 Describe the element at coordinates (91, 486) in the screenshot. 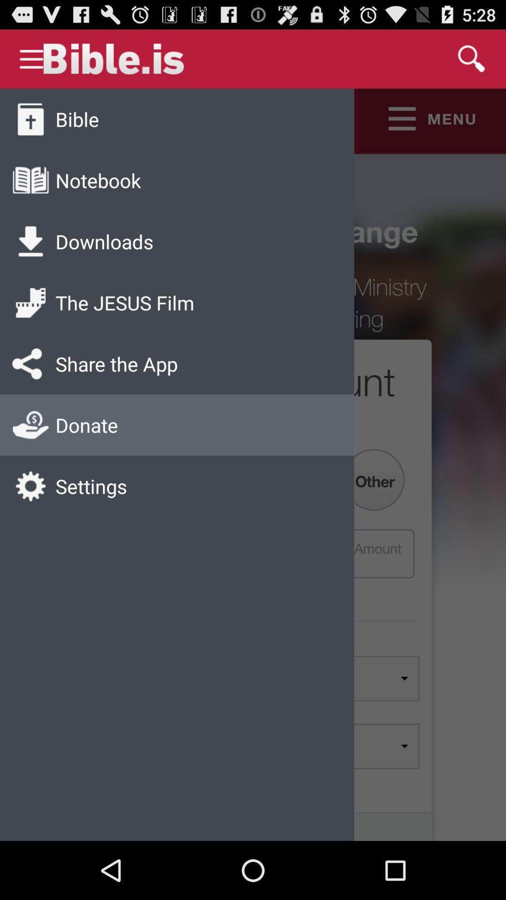

I see `the settings icon` at that location.